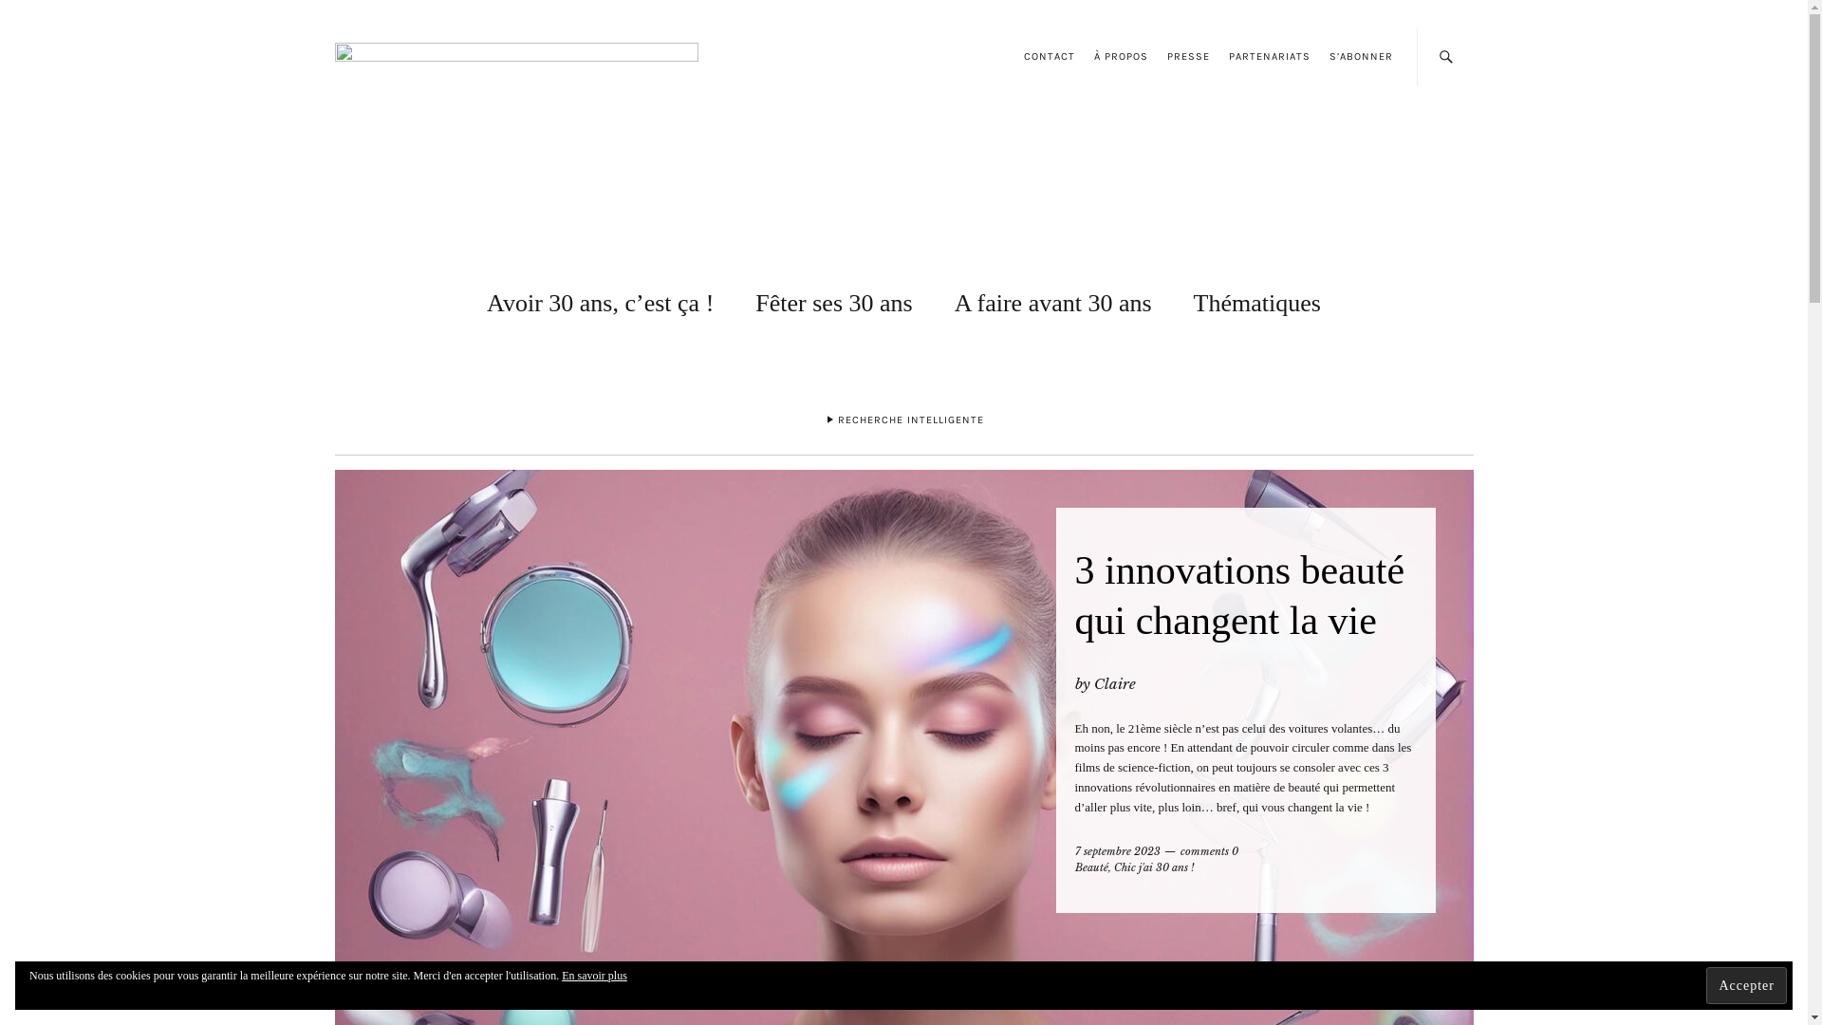 The image size is (1822, 1025). Describe the element at coordinates (1187, 55) in the screenshot. I see `'PRESSE'` at that location.